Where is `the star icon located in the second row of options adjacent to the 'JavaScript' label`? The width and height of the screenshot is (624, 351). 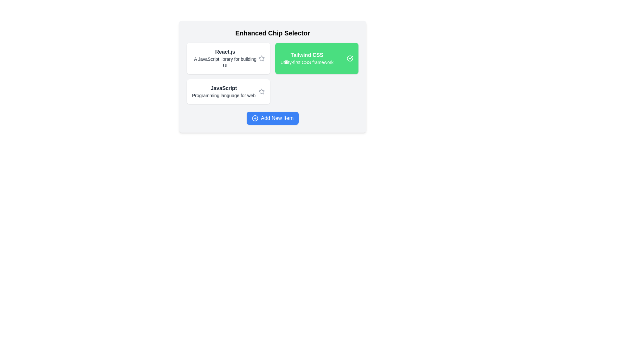 the star icon located in the second row of options adjacent to the 'JavaScript' label is located at coordinates (262, 91).